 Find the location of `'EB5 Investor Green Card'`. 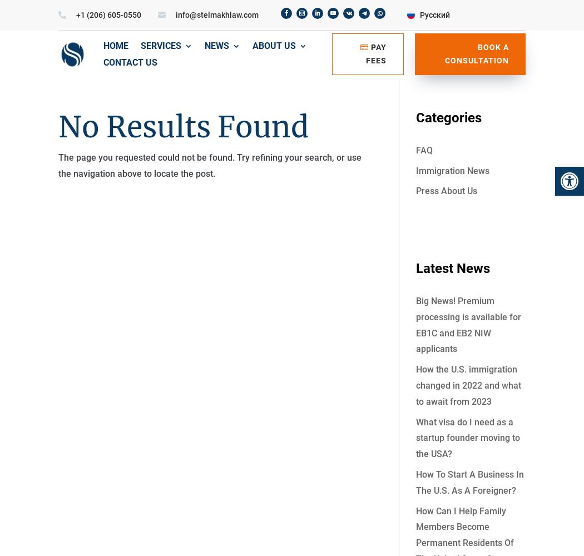

'EB5 Investor Green Card' is located at coordinates (347, 99).